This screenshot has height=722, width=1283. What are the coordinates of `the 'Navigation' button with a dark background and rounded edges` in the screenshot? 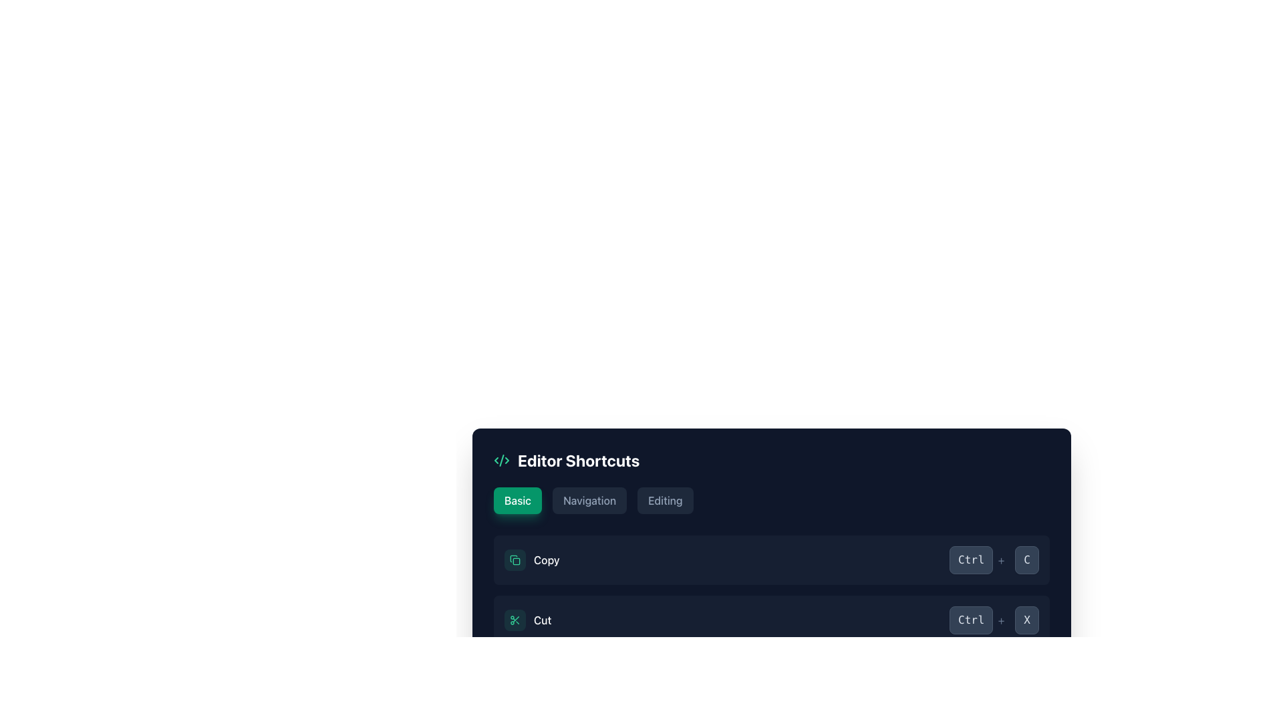 It's located at (589, 500).